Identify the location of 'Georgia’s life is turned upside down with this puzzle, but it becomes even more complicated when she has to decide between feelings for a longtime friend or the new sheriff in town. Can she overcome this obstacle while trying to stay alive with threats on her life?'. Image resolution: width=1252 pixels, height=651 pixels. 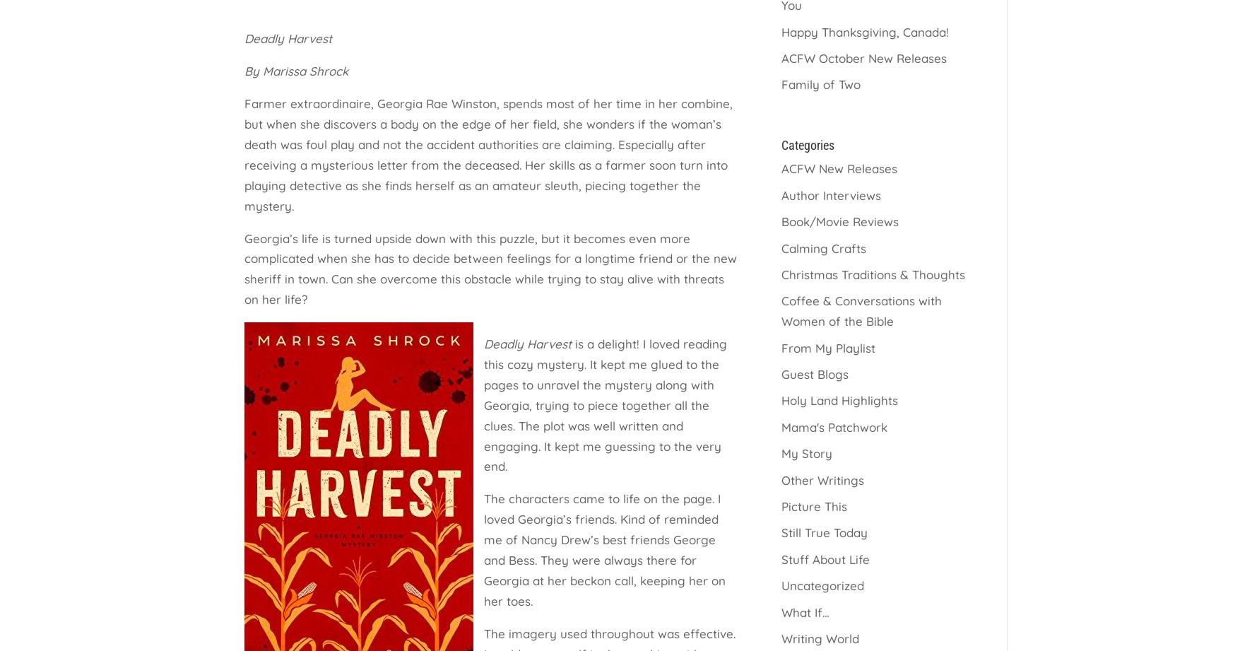
(490, 269).